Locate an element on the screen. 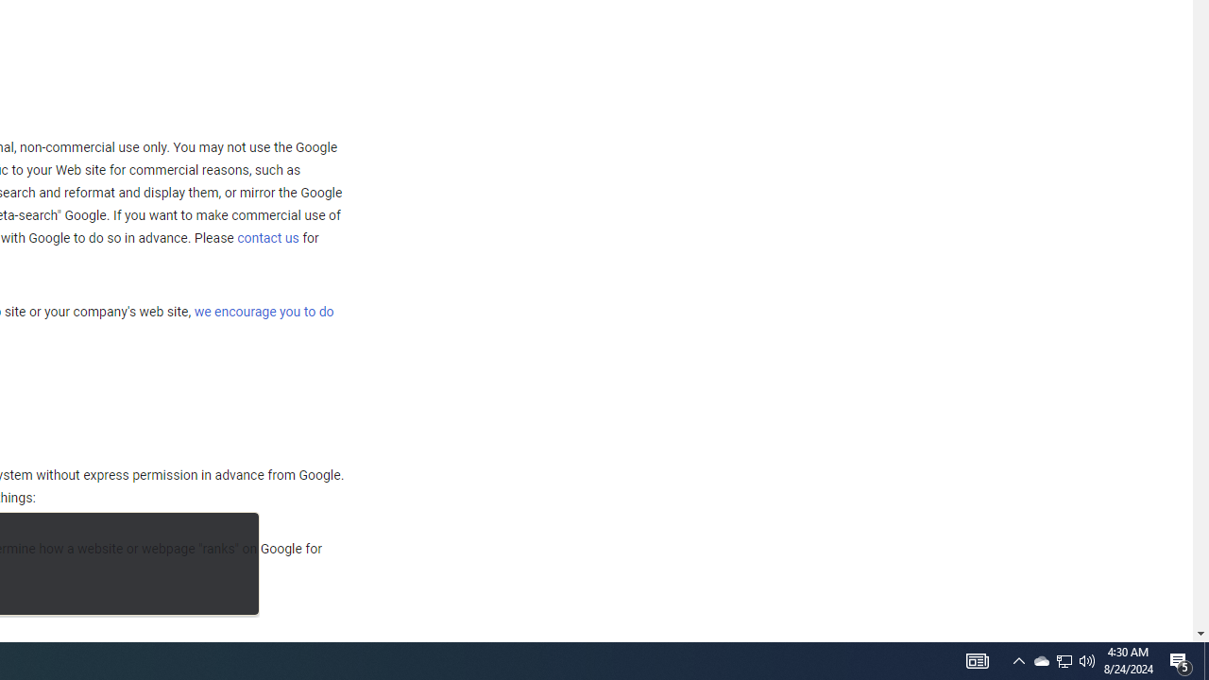 The image size is (1209, 680). 'contact us' is located at coordinates (267, 236).